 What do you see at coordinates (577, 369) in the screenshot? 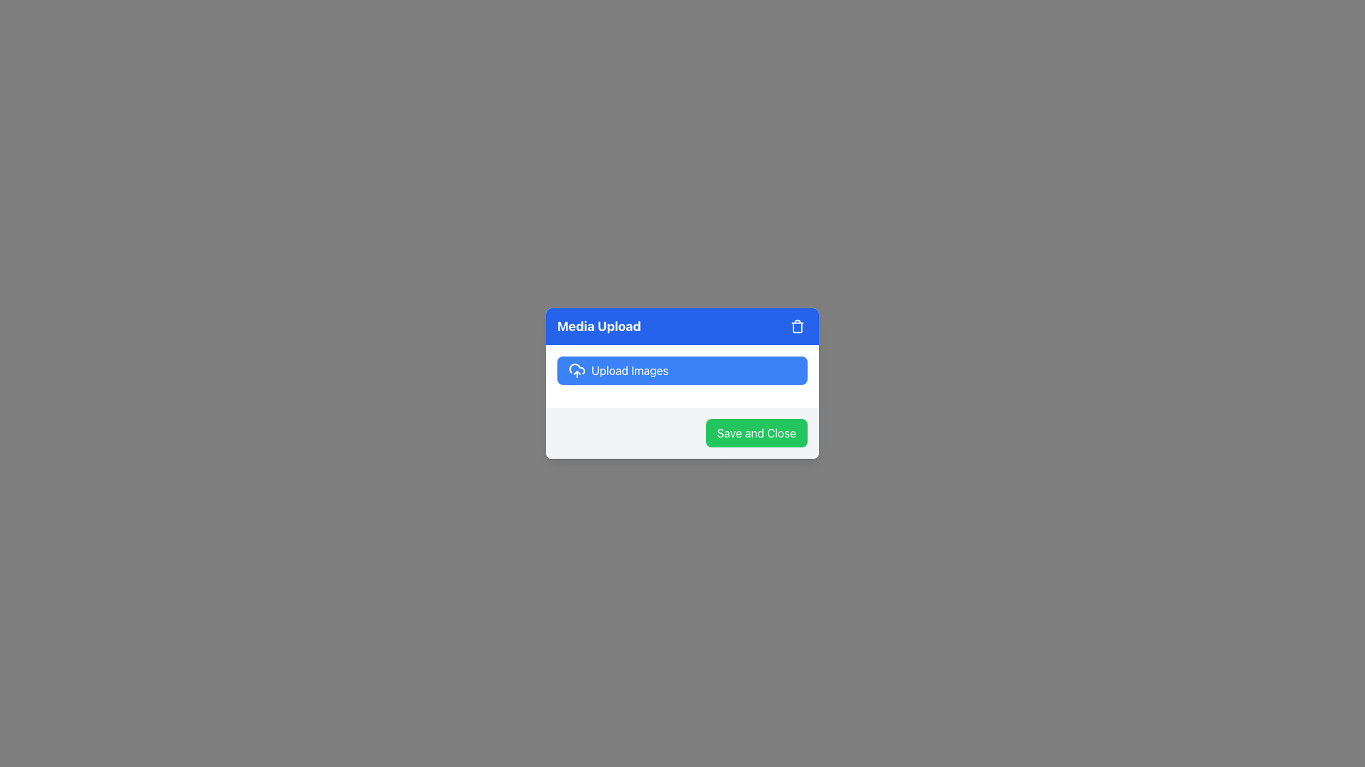
I see `the upload icon located to the left of the 'Upload Images' text within the upload button in the media upload modal` at bounding box center [577, 369].